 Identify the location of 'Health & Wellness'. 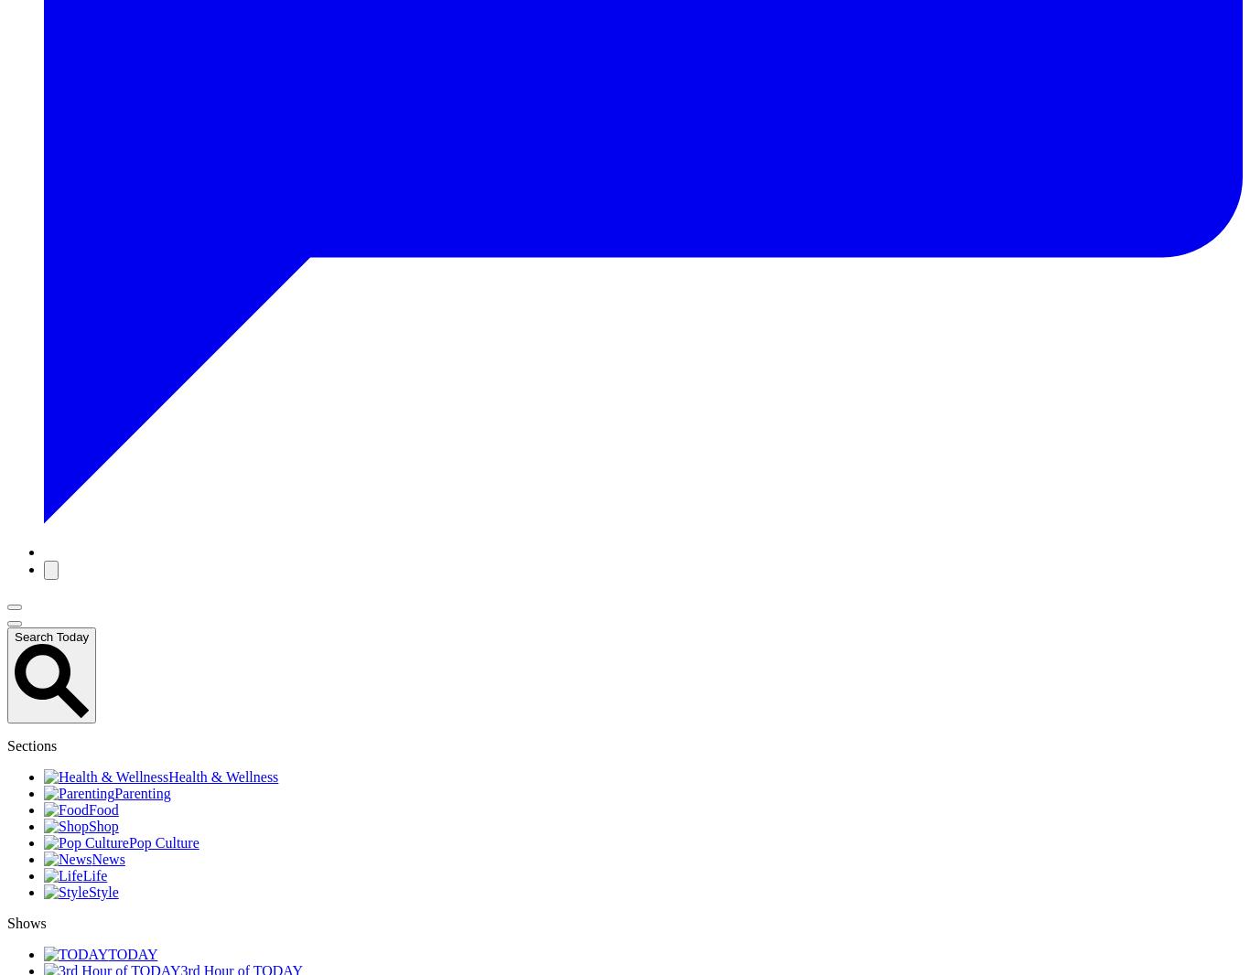
(167, 777).